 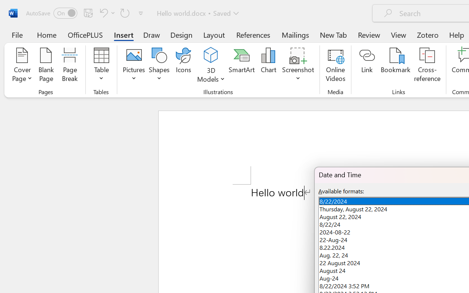 I want to click on 'Chart...', so click(x=268, y=66).